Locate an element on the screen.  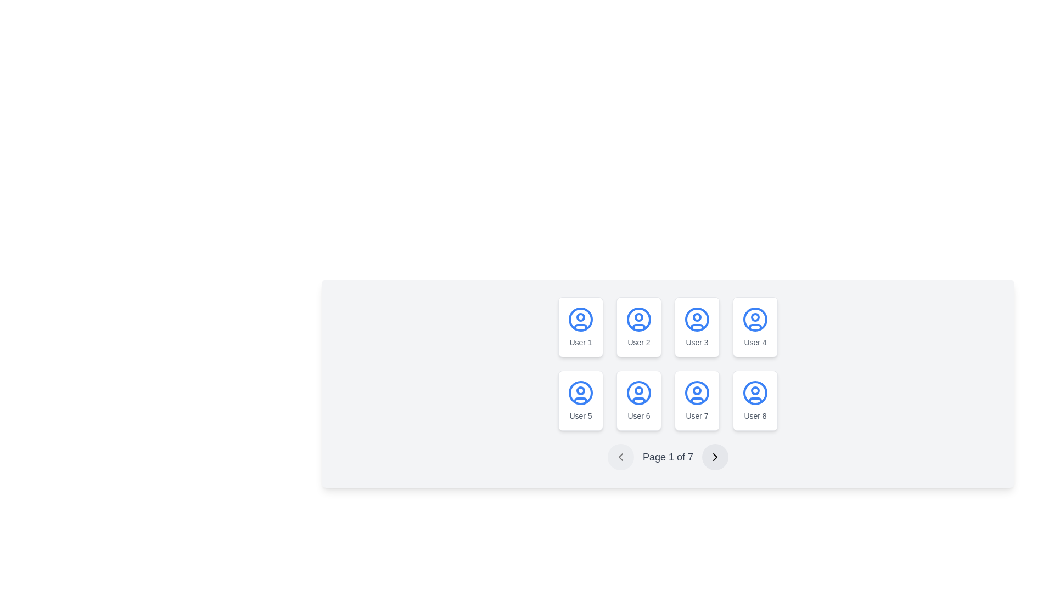
the user profile icon, which is a blue circular outline with a smaller circle inside, representing 'User 5' in the user cards grid is located at coordinates (580, 392).